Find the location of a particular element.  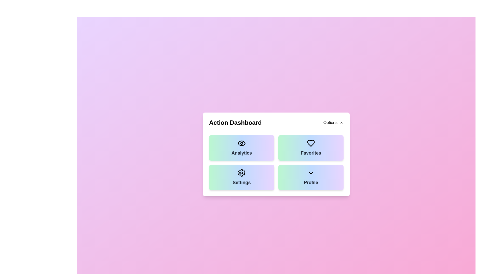

the chevron dropdown indicator icon located to the right of the 'Options' text is located at coordinates (341, 122).